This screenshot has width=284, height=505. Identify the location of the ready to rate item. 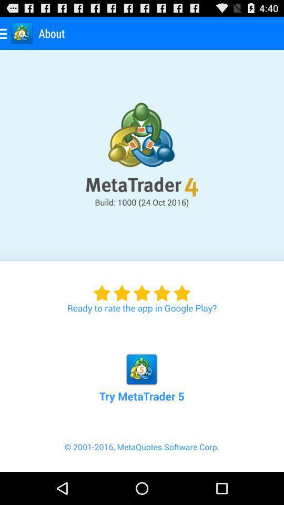
(142, 287).